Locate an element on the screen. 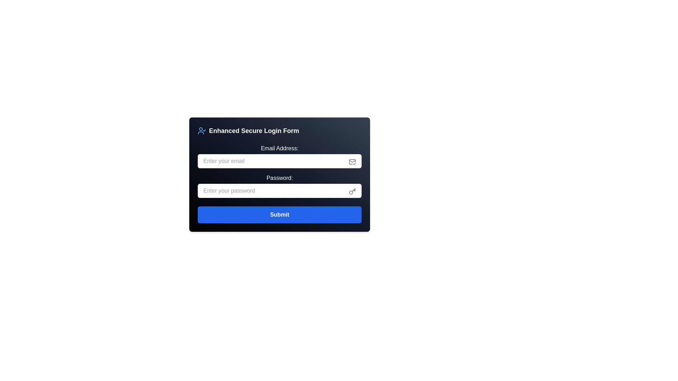 This screenshot has height=381, width=678. the visibility toggle button located at the far right of the 'Password:' field is located at coordinates (352, 192).